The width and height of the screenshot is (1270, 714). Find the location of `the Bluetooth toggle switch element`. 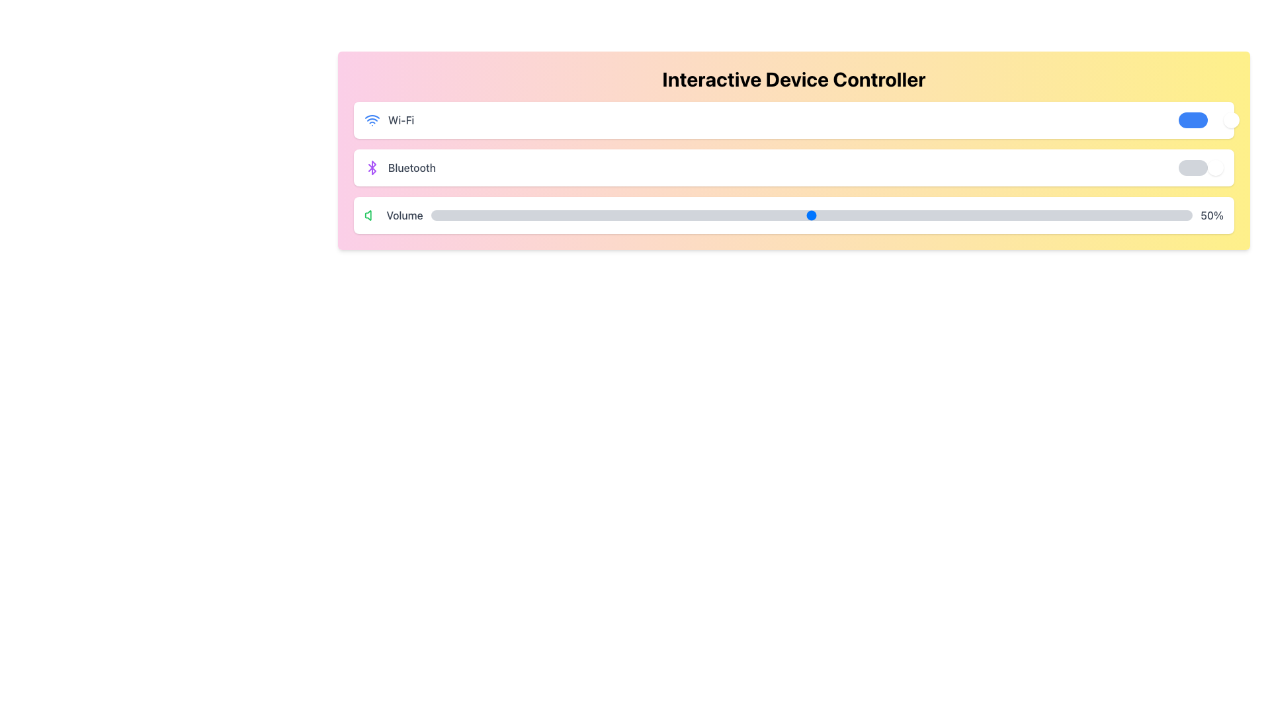

the Bluetooth toggle switch element is located at coordinates (1201, 167).